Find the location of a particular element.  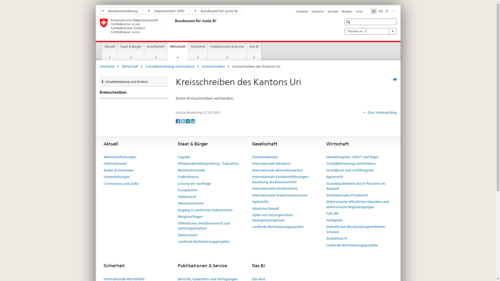

'Medien' is located at coordinates (347, 11).